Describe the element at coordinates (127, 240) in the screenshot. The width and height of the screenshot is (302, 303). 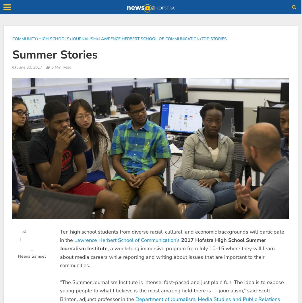
I see `'Lawrence Herbert School of Communication’s'` at that location.